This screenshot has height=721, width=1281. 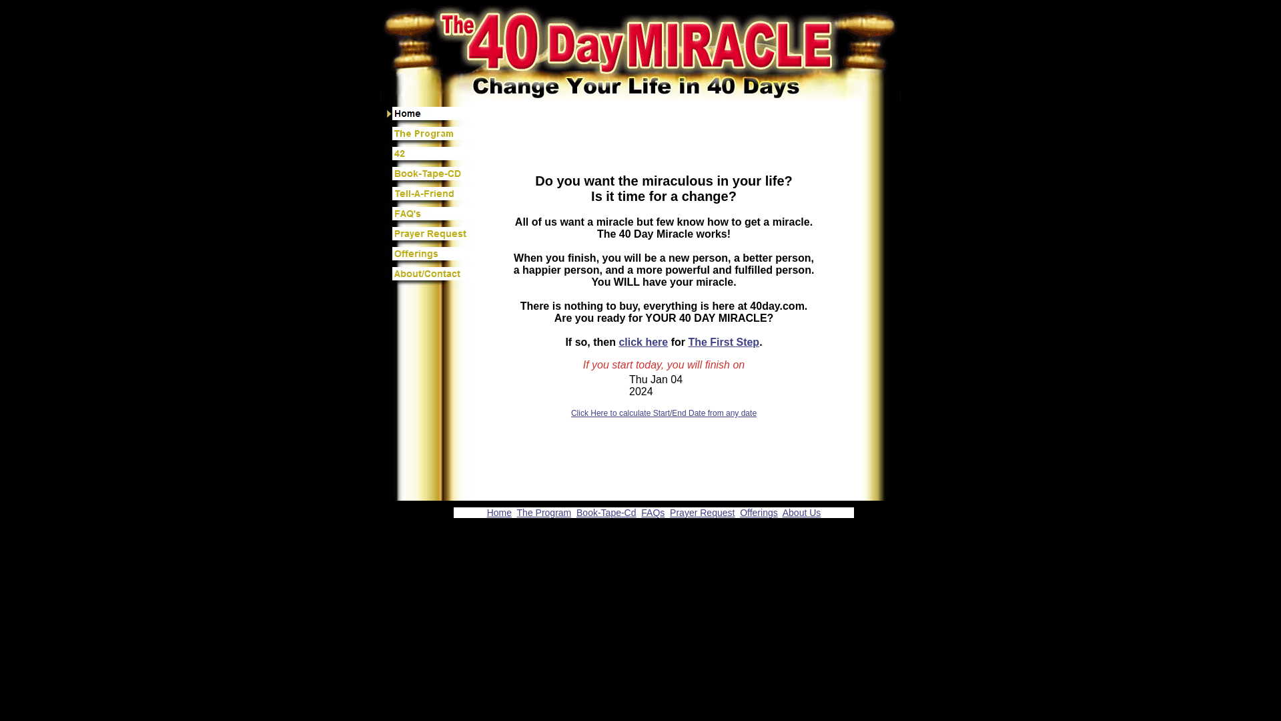 What do you see at coordinates (498, 511) in the screenshot?
I see `'Home'` at bounding box center [498, 511].